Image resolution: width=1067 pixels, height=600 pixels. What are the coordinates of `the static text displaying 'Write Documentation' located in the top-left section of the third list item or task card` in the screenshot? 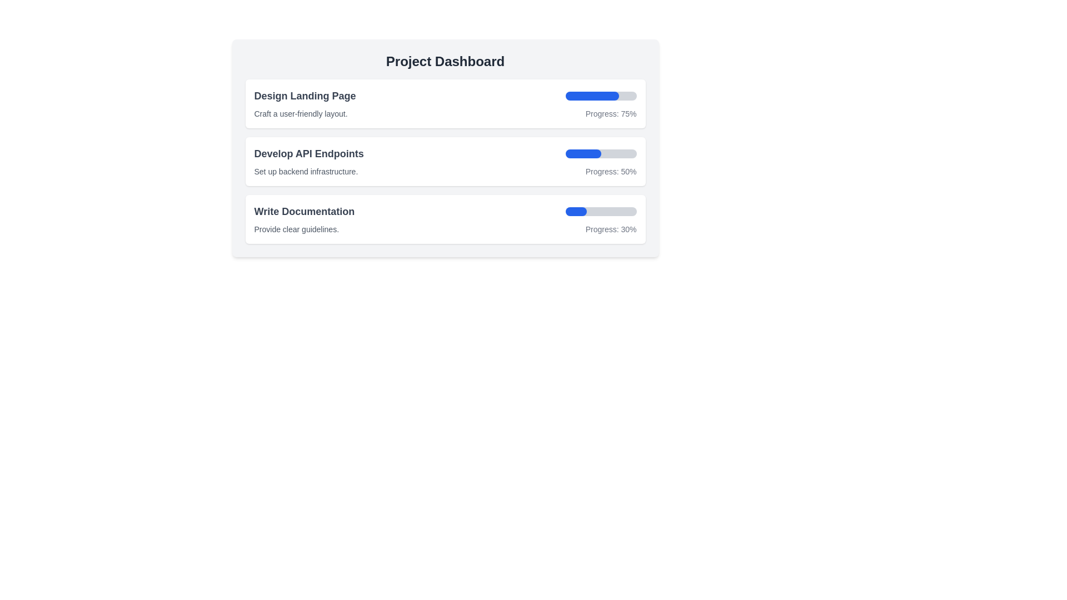 It's located at (304, 212).